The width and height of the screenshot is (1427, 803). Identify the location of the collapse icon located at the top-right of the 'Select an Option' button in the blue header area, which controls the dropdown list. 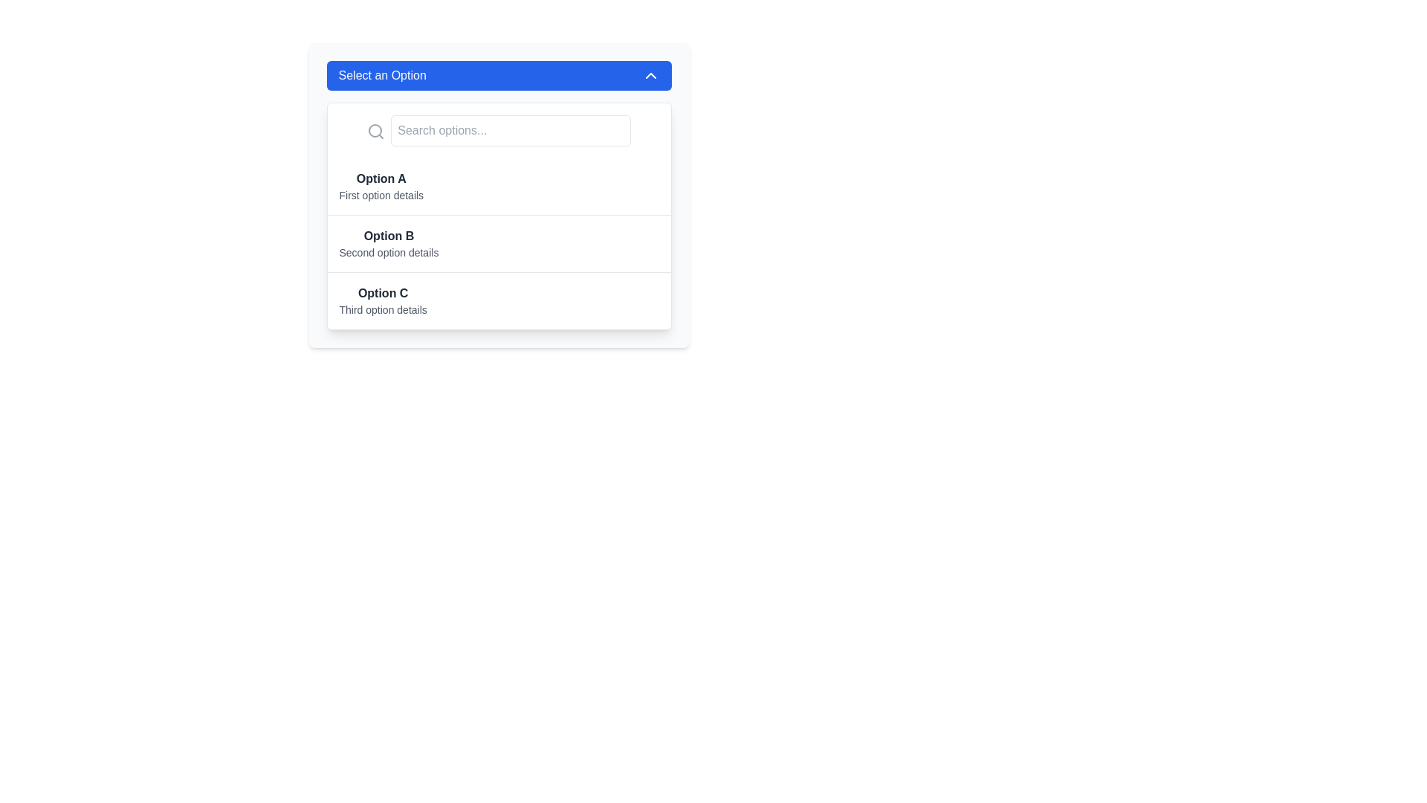
(650, 75).